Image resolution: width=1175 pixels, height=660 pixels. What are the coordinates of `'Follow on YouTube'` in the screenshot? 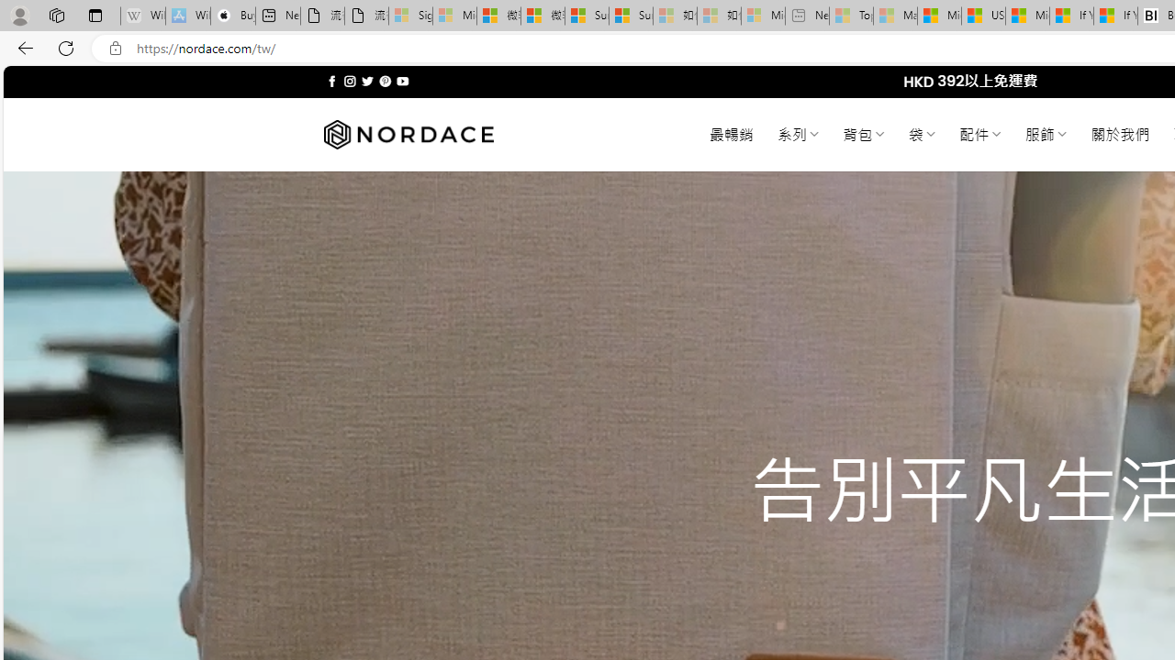 It's located at (402, 81).